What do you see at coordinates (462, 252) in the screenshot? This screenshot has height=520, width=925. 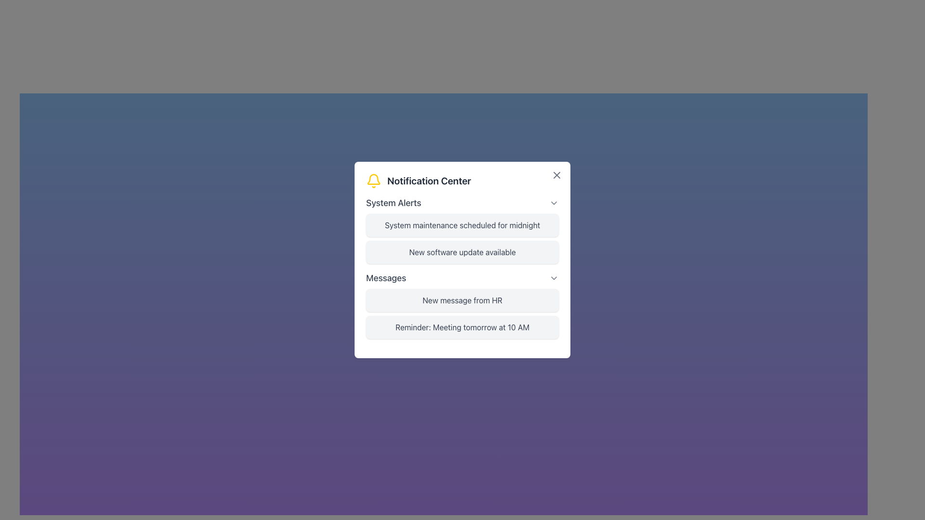 I see `the second notification under the 'System Alerts' heading in the 'Notification Center' interface that informs about a new software update` at bounding box center [462, 252].